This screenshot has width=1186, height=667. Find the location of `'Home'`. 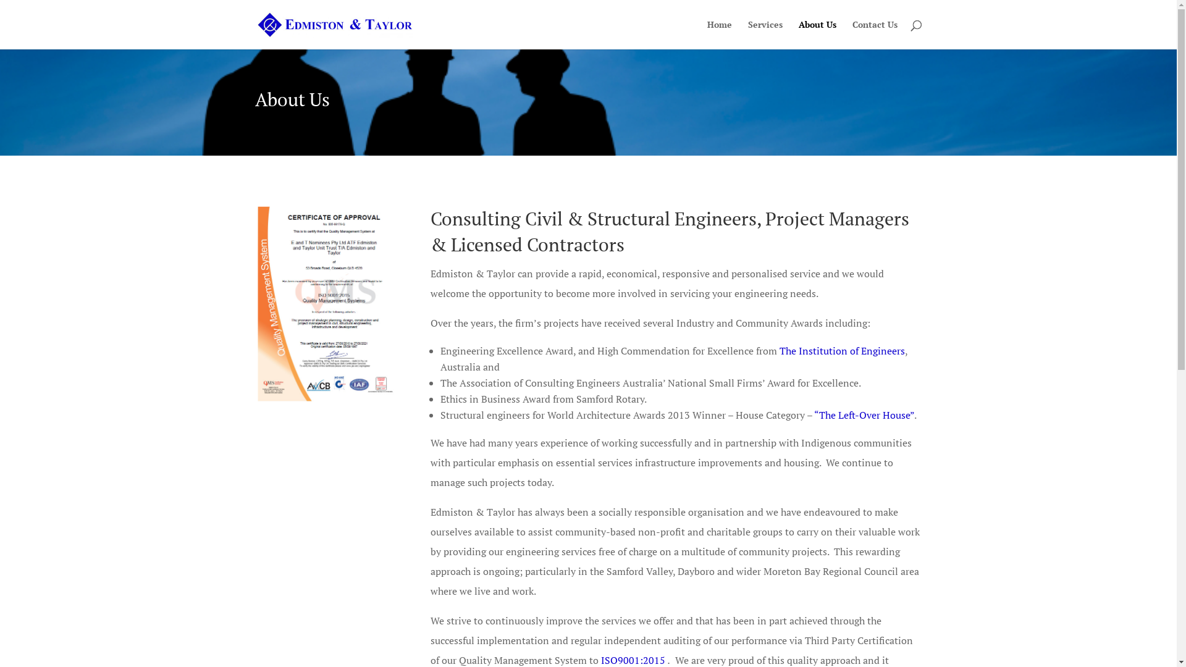

'Home' is located at coordinates (718, 34).